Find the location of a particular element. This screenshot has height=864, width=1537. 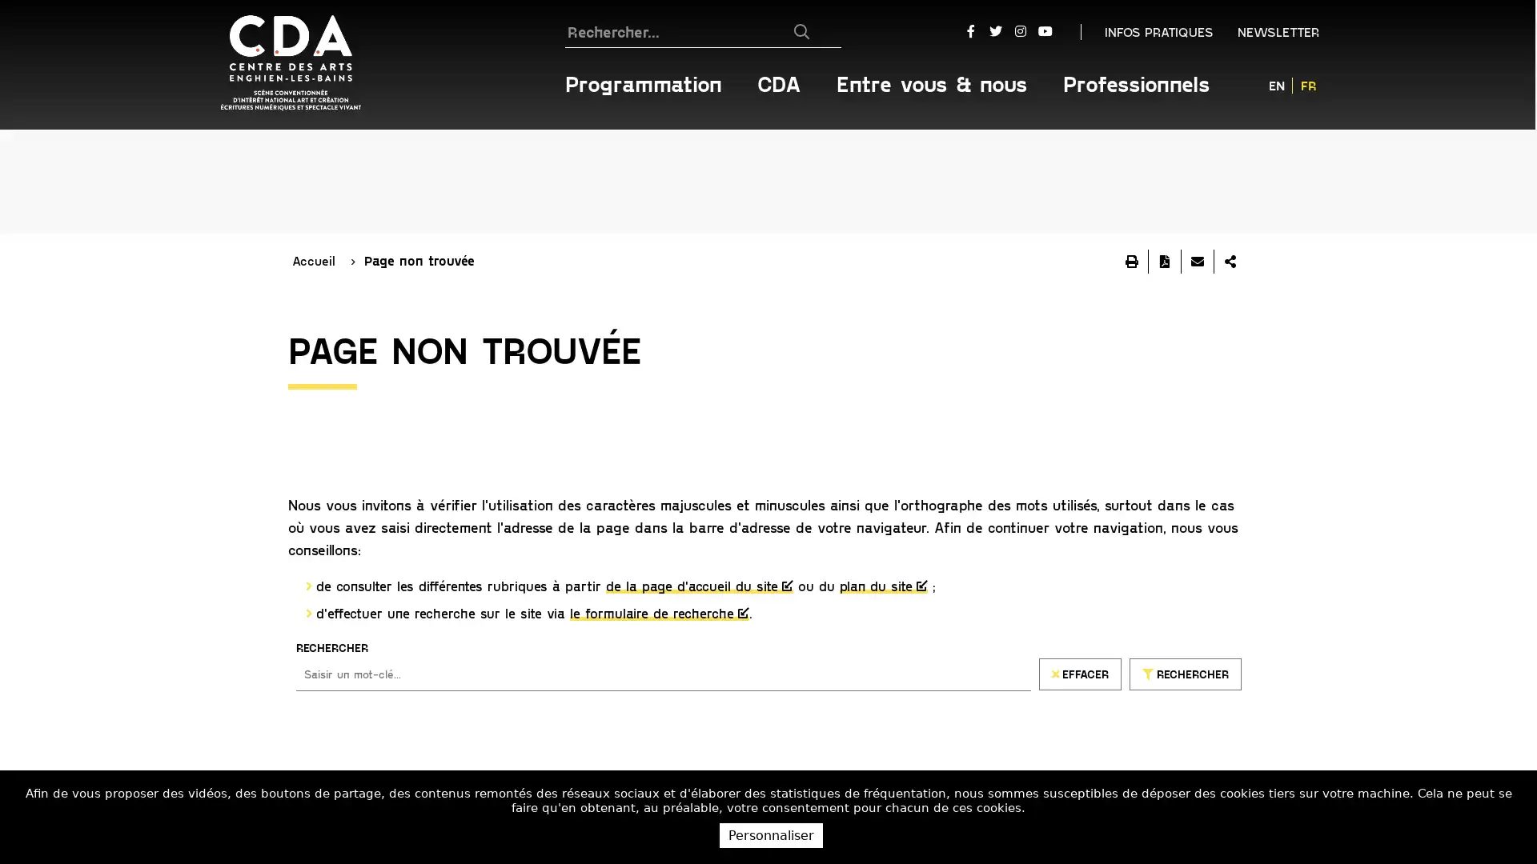

Personnaliser is located at coordinates (771, 834).